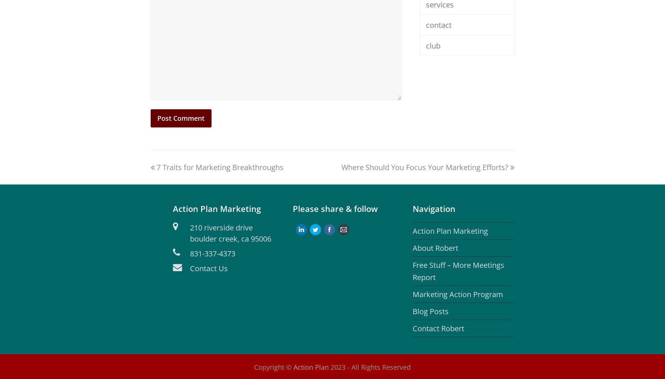 The image size is (665, 379). I want to click on 'Where Should You Focus Your Marketing Efforts?', so click(341, 166).